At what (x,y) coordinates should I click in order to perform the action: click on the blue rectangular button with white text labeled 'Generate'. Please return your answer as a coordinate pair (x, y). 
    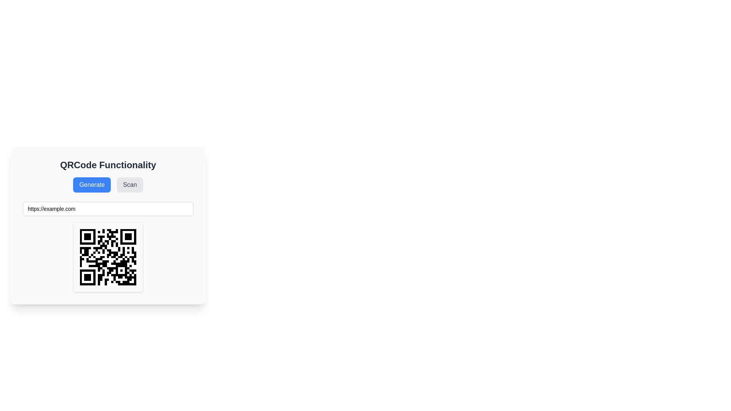
    Looking at the image, I should click on (91, 185).